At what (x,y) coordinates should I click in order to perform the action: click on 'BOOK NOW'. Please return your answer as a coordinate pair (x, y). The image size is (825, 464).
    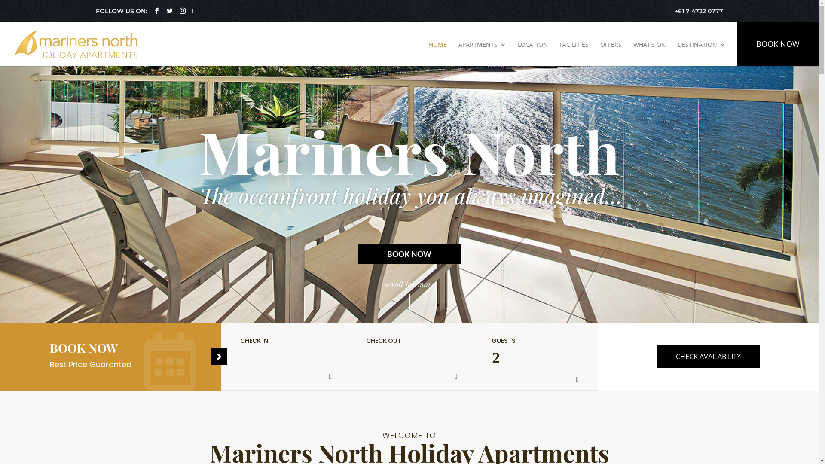
    Looking at the image, I should click on (778, 43).